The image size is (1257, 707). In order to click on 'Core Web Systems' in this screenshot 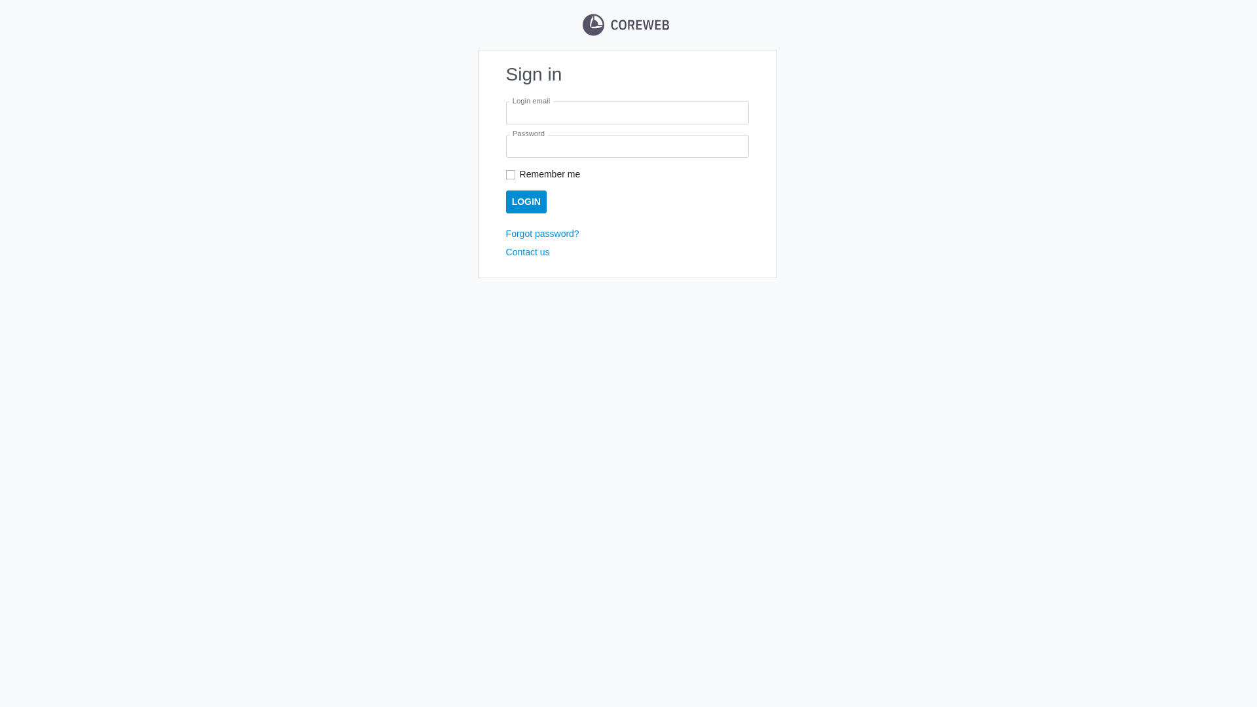, I will do `click(625, 25)`.